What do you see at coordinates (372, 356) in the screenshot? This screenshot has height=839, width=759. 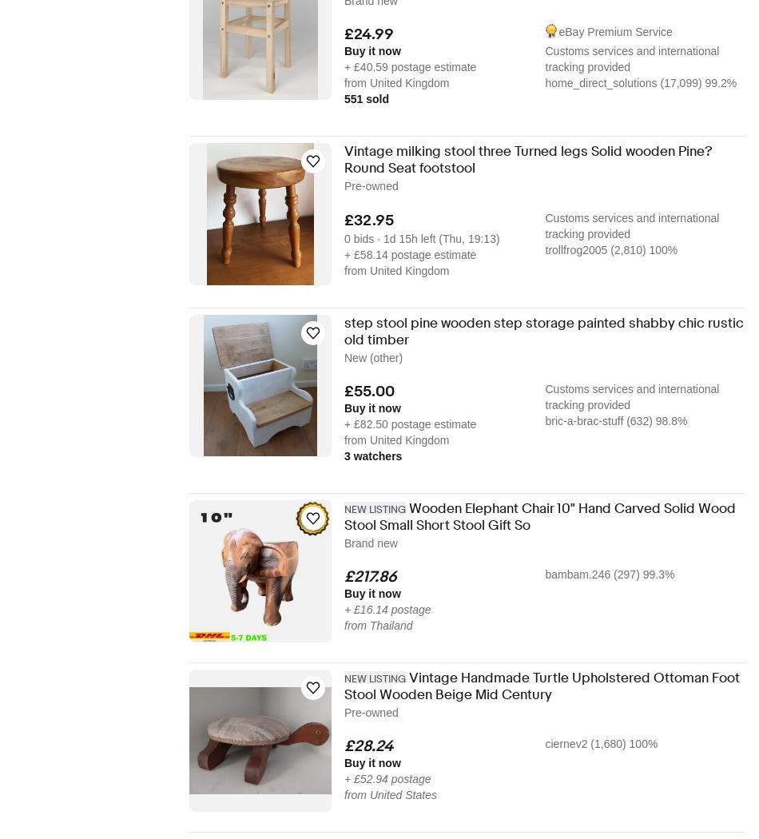 I see `'New (other)'` at bounding box center [372, 356].